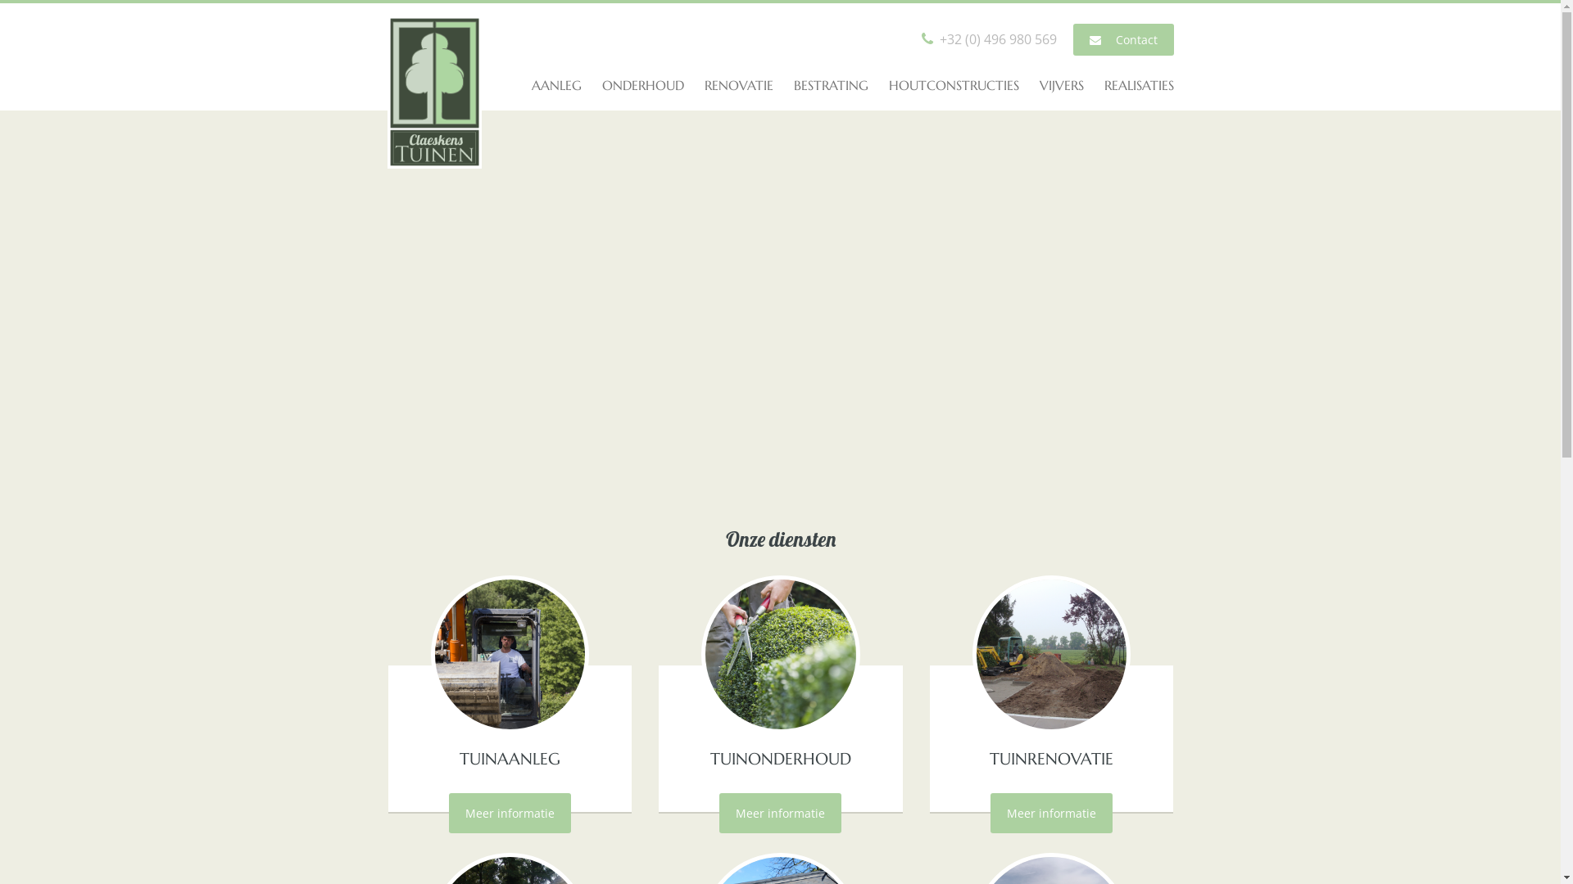 Image resolution: width=1573 pixels, height=884 pixels. I want to click on 'TUINRENOVATIE', so click(1051, 759).